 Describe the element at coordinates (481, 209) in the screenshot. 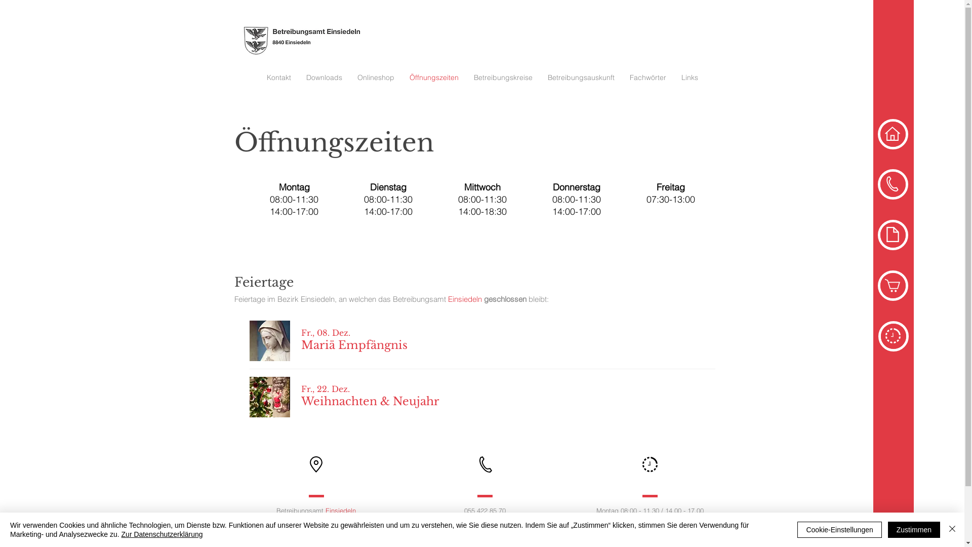

I see `'Open for Business'` at that location.